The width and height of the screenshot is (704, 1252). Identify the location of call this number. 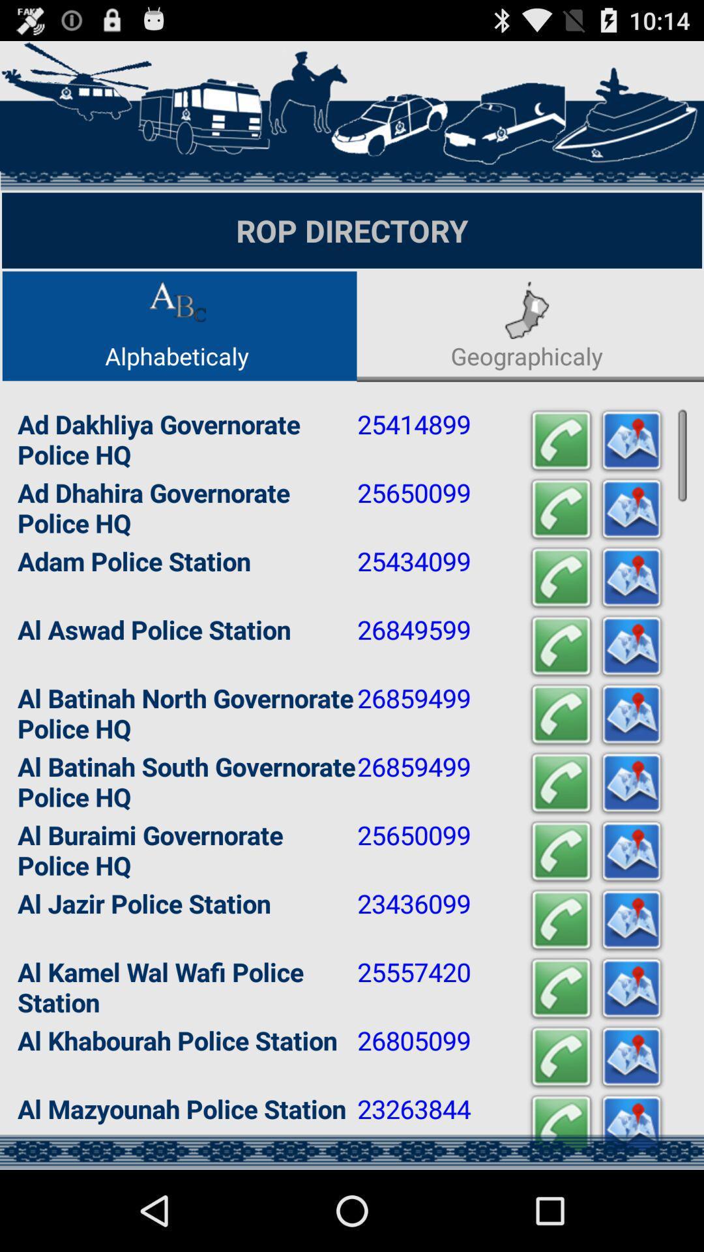
(560, 1125).